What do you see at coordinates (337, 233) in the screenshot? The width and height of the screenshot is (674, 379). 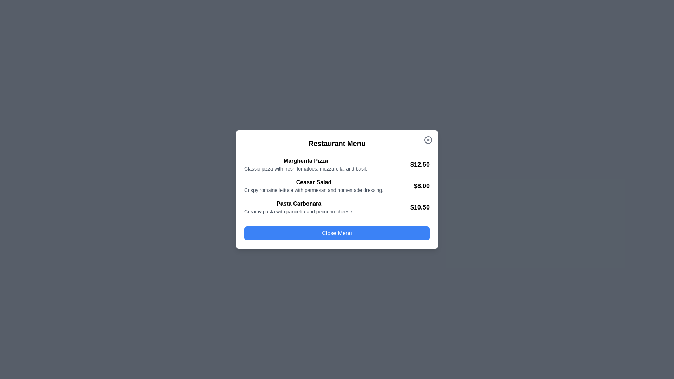 I see `the 'Close Menu' button to close the dialog` at bounding box center [337, 233].